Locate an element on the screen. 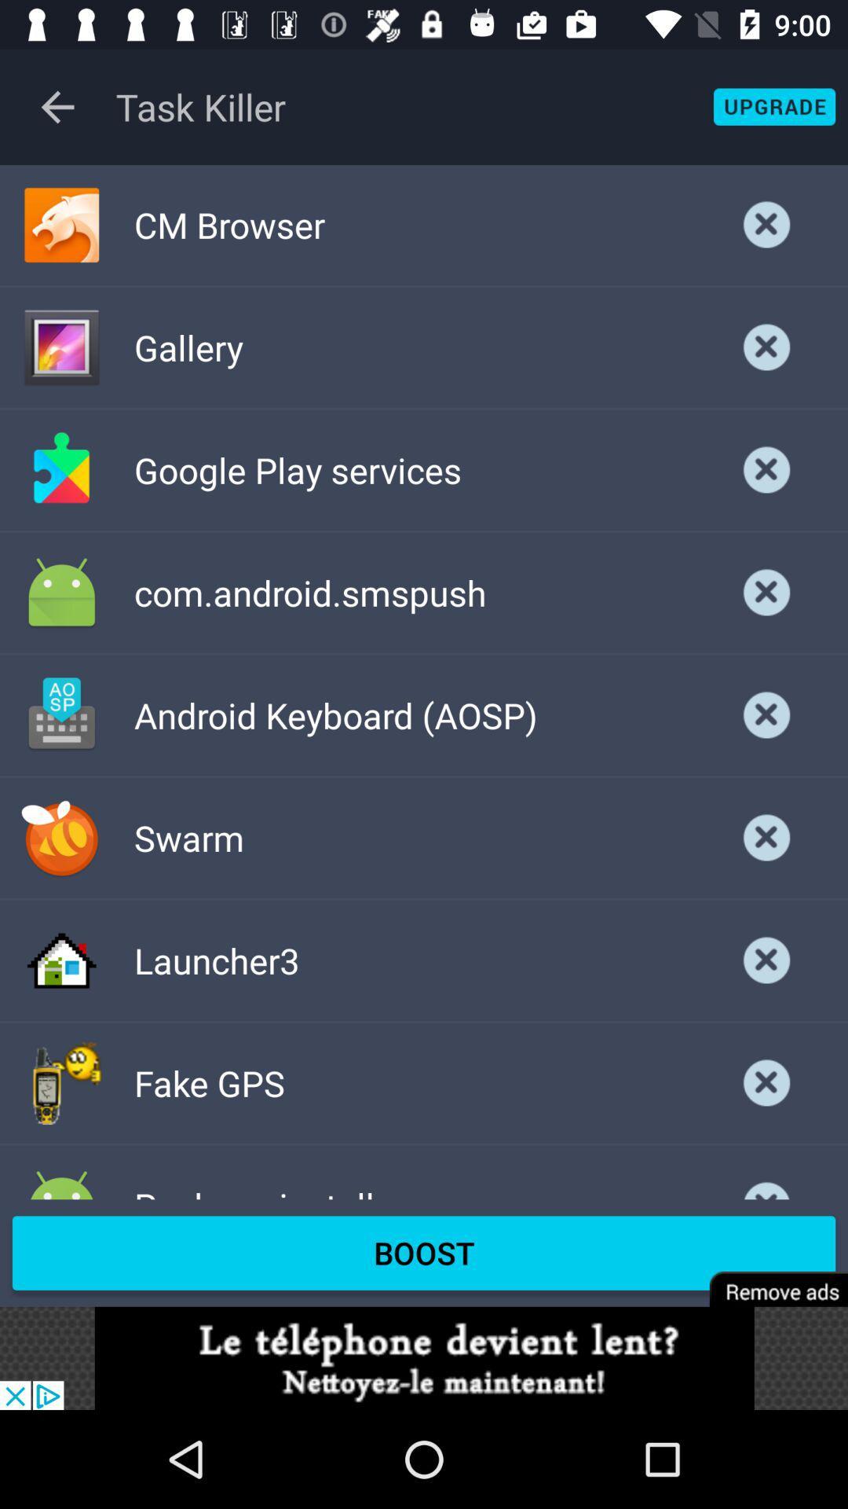 Image resolution: width=848 pixels, height=1509 pixels. launch advertisement is located at coordinates (424, 1357).